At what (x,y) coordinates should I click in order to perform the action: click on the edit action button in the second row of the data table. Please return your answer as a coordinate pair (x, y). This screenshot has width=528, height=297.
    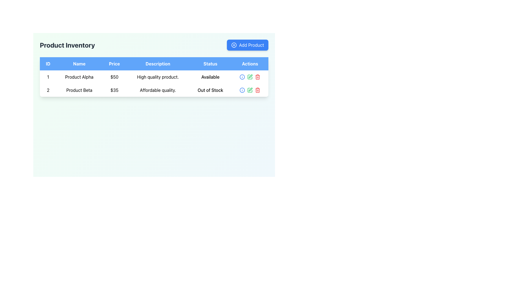
    Looking at the image, I should click on (250, 90).